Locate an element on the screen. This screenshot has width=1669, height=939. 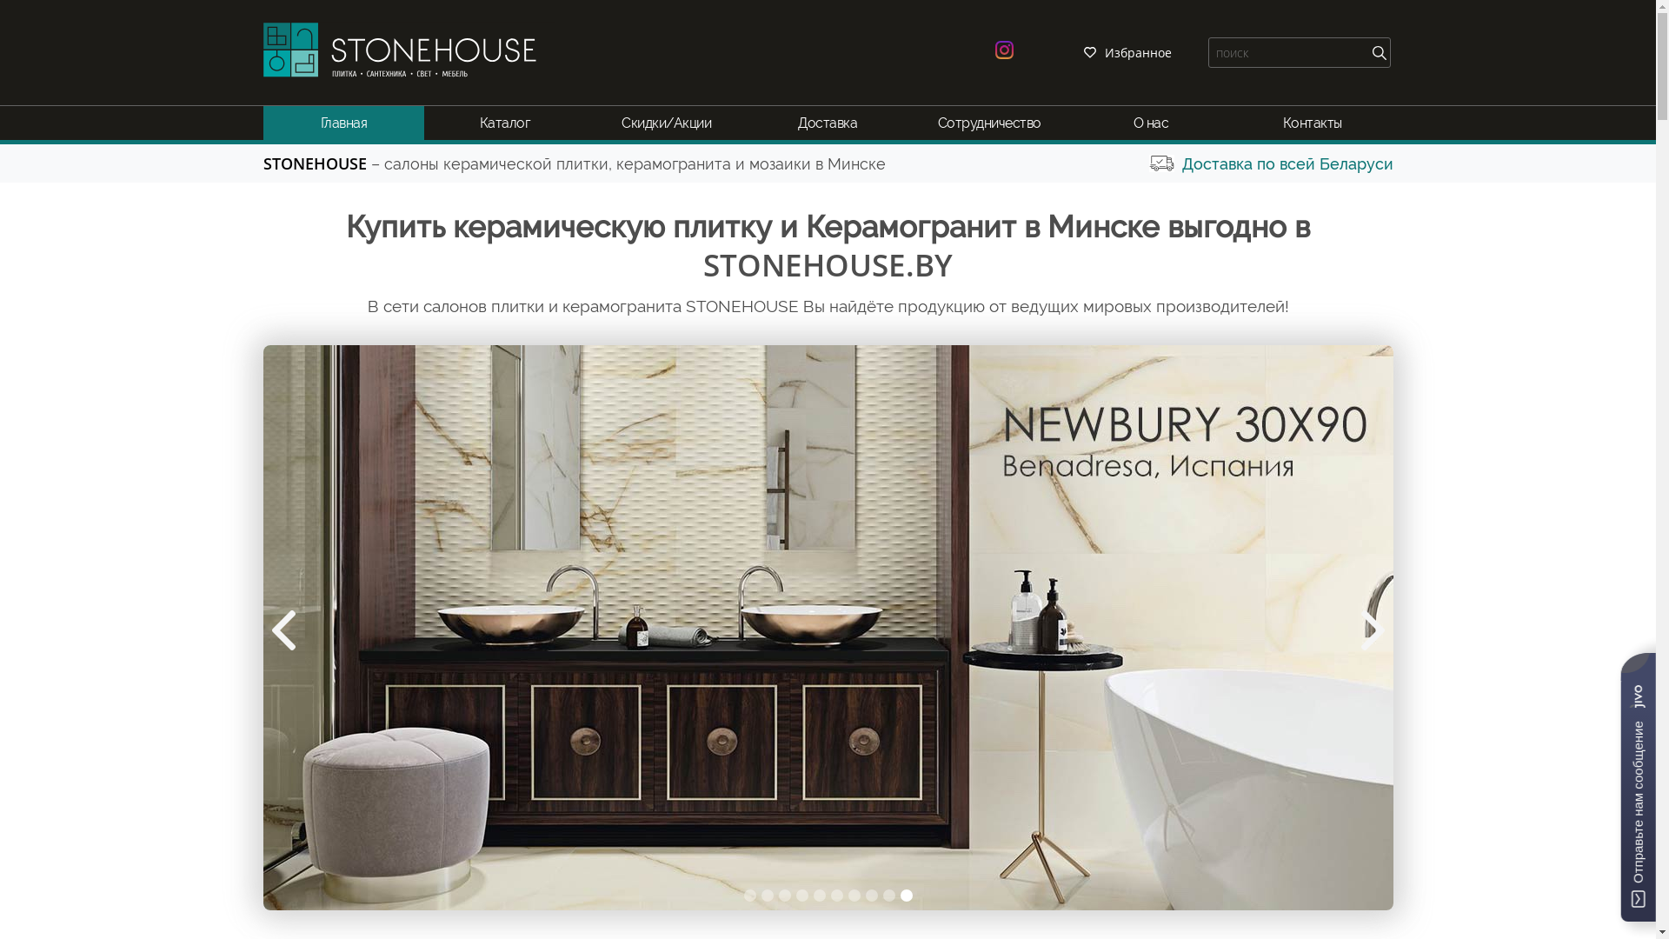
'6' is located at coordinates (829, 895).